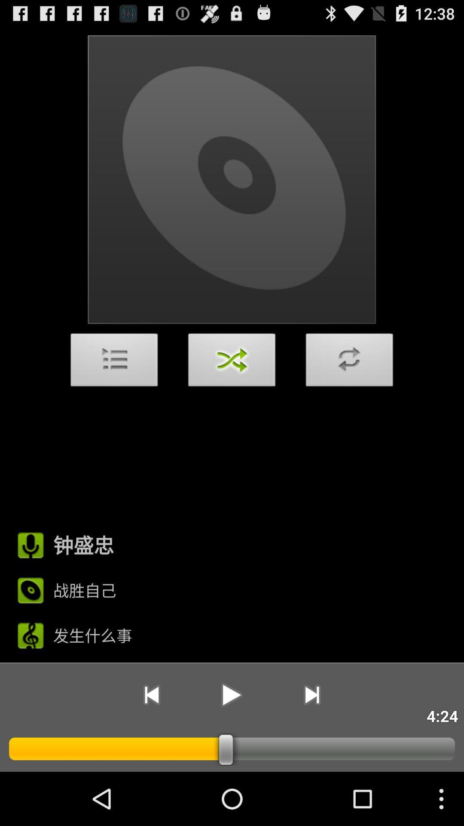  Describe the element at coordinates (349, 362) in the screenshot. I see `item on the right` at that location.